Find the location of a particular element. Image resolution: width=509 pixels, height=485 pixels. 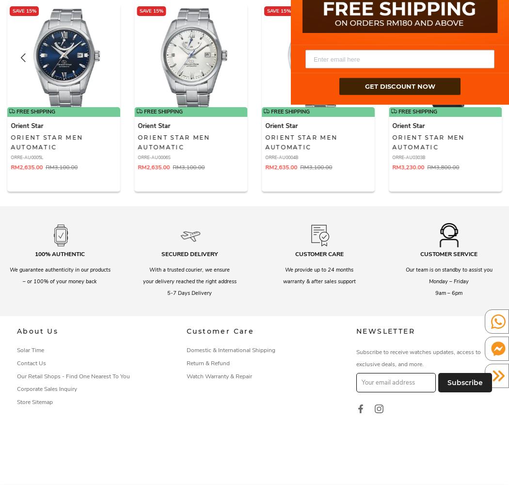

'Corporate Sales Inquiry' is located at coordinates (47, 389).